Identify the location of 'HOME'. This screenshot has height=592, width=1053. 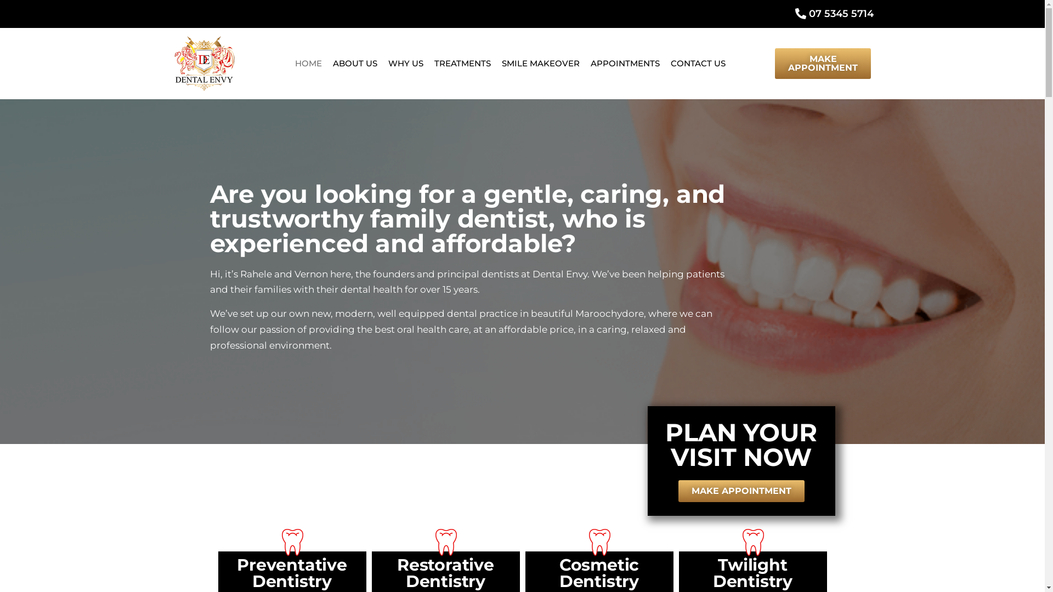
(290, 63).